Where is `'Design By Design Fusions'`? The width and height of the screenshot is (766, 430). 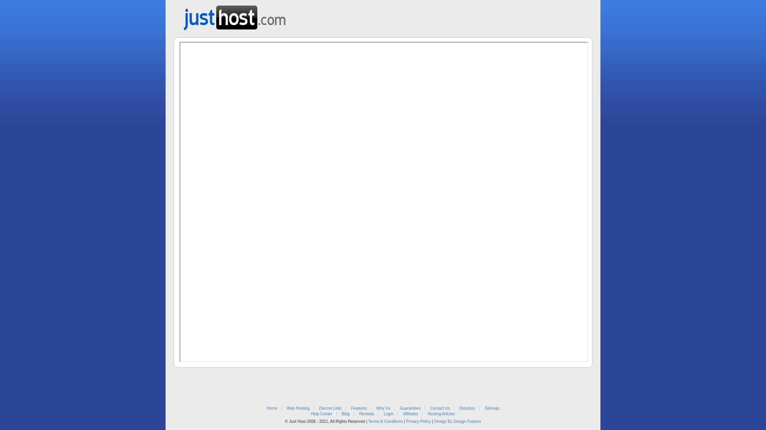 'Design By Design Fusions' is located at coordinates (457, 421).